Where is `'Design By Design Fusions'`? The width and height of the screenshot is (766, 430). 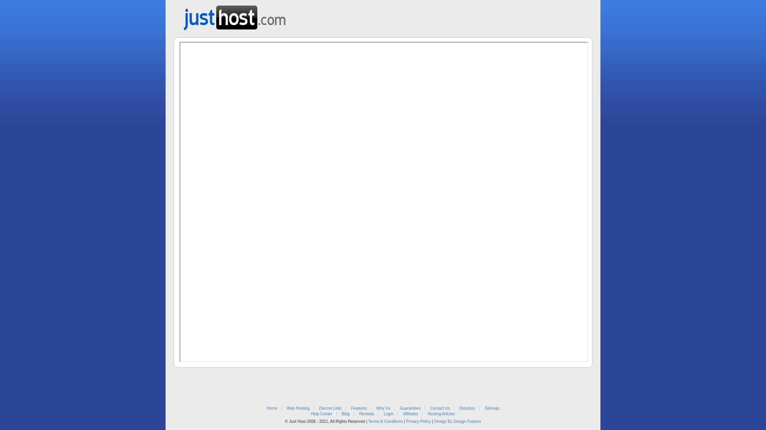 'Design By Design Fusions' is located at coordinates (457, 421).